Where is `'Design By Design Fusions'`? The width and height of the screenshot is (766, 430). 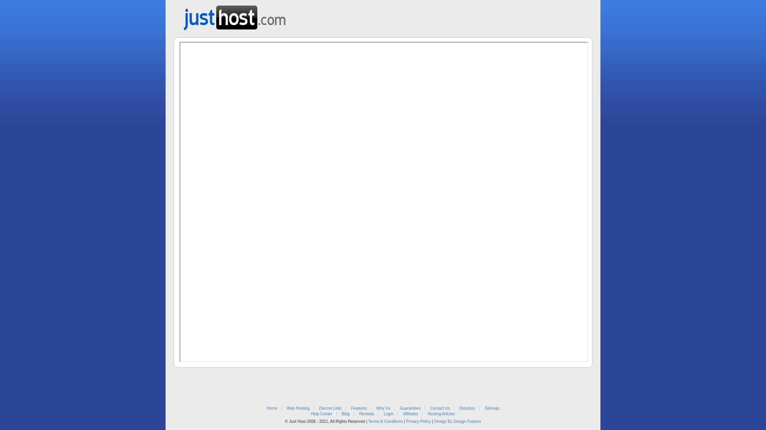 'Design By Design Fusions' is located at coordinates (457, 421).